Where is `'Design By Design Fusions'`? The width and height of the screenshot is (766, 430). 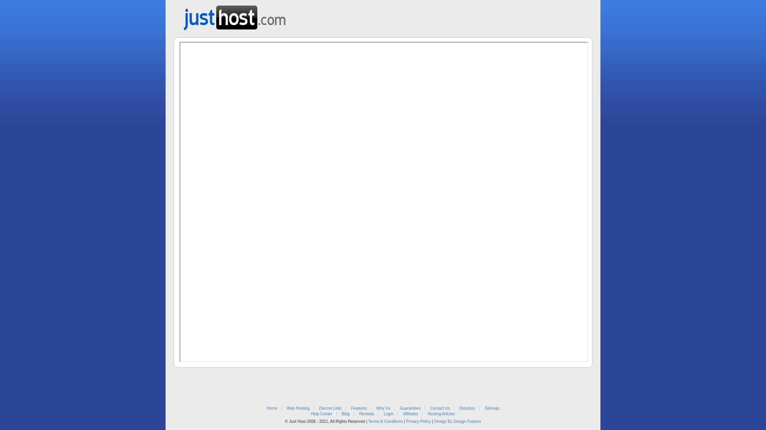 'Design By Design Fusions' is located at coordinates (457, 421).